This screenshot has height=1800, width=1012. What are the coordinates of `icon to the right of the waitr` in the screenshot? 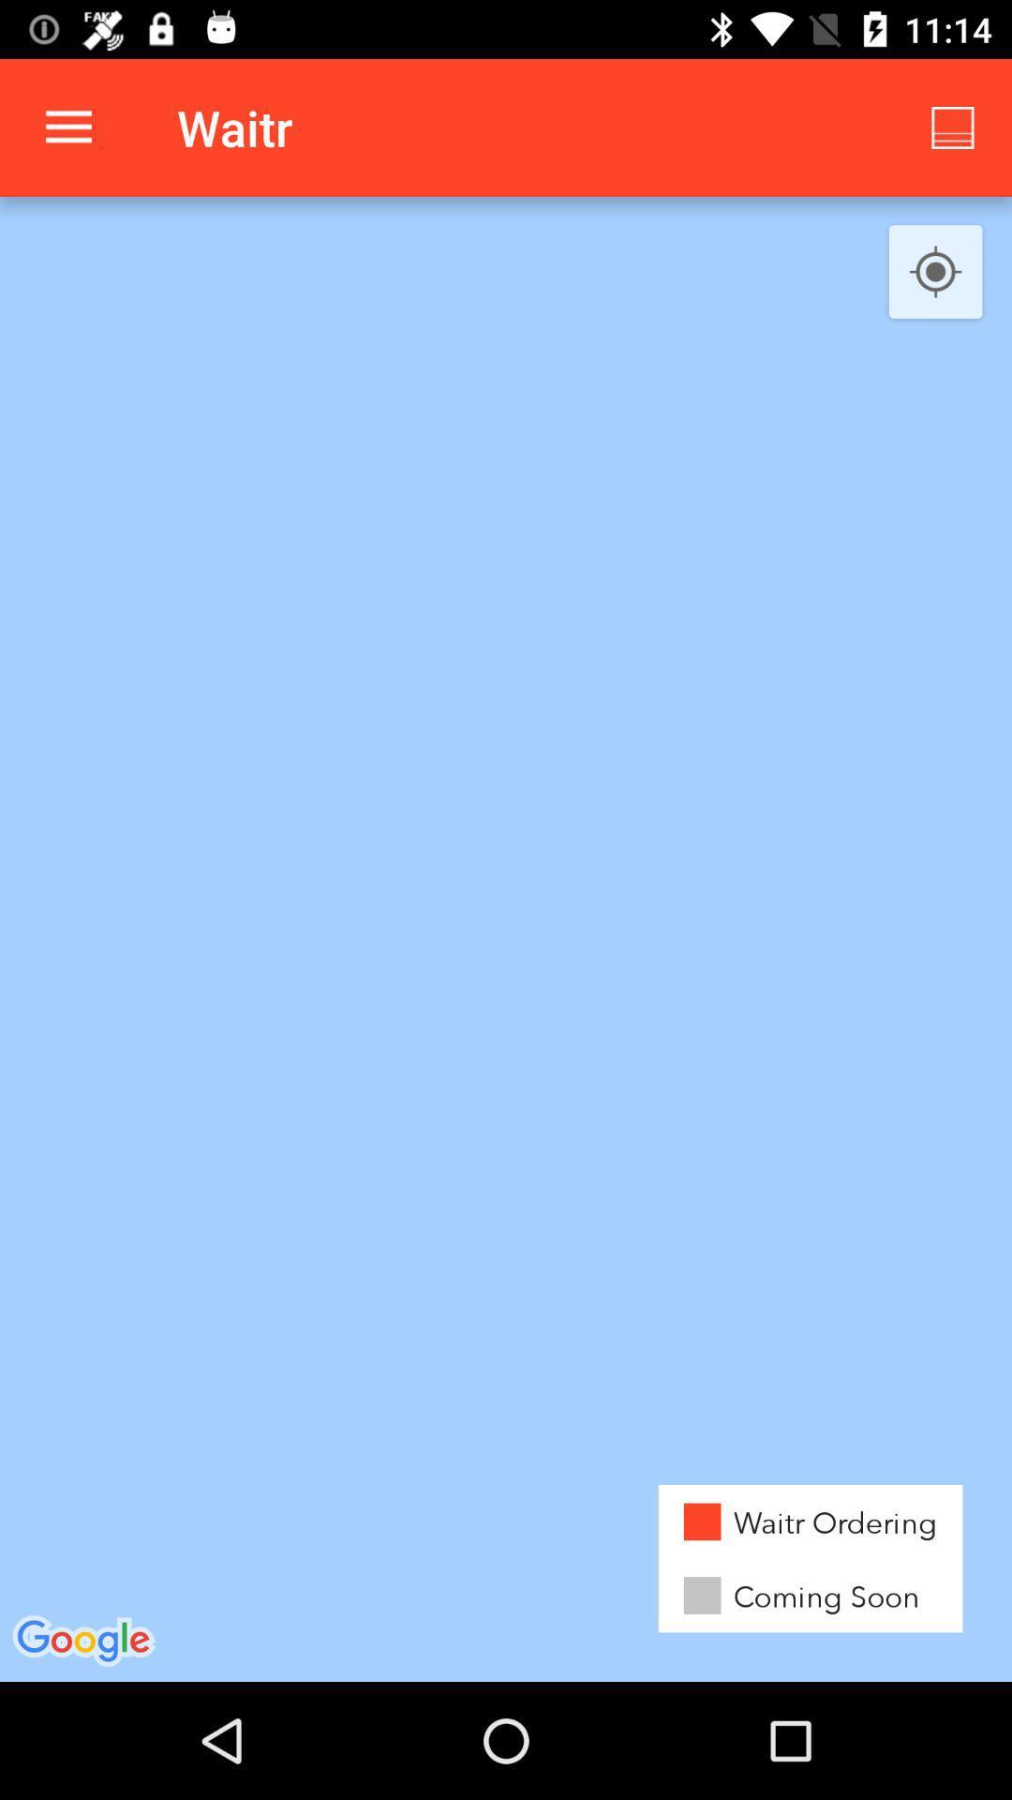 It's located at (953, 127).